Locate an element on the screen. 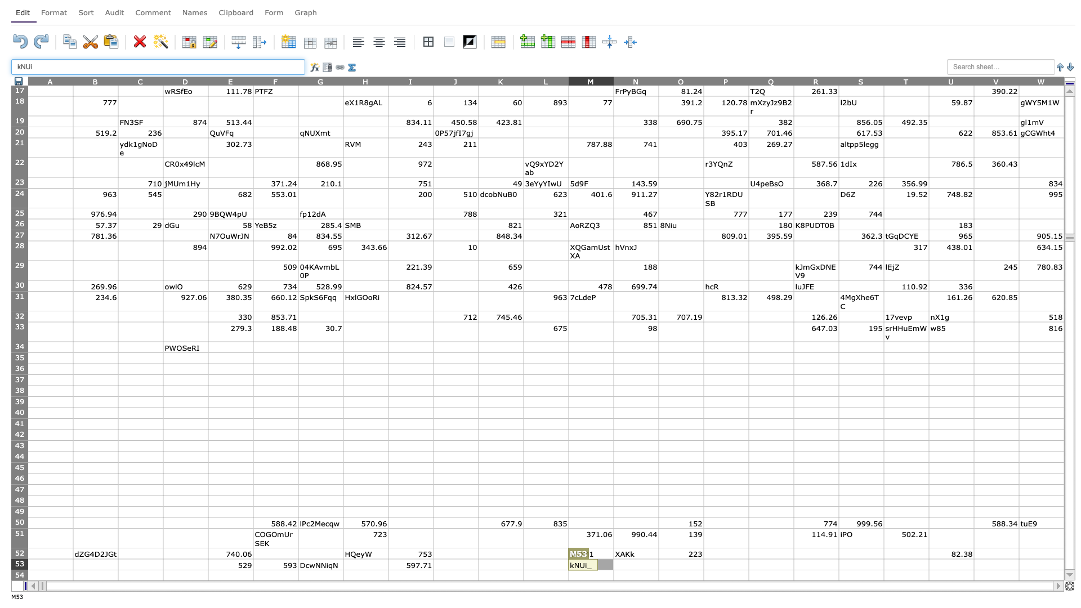 The width and height of the screenshot is (1081, 608). Top left corner of cell Q-53 is located at coordinates (748, 558).